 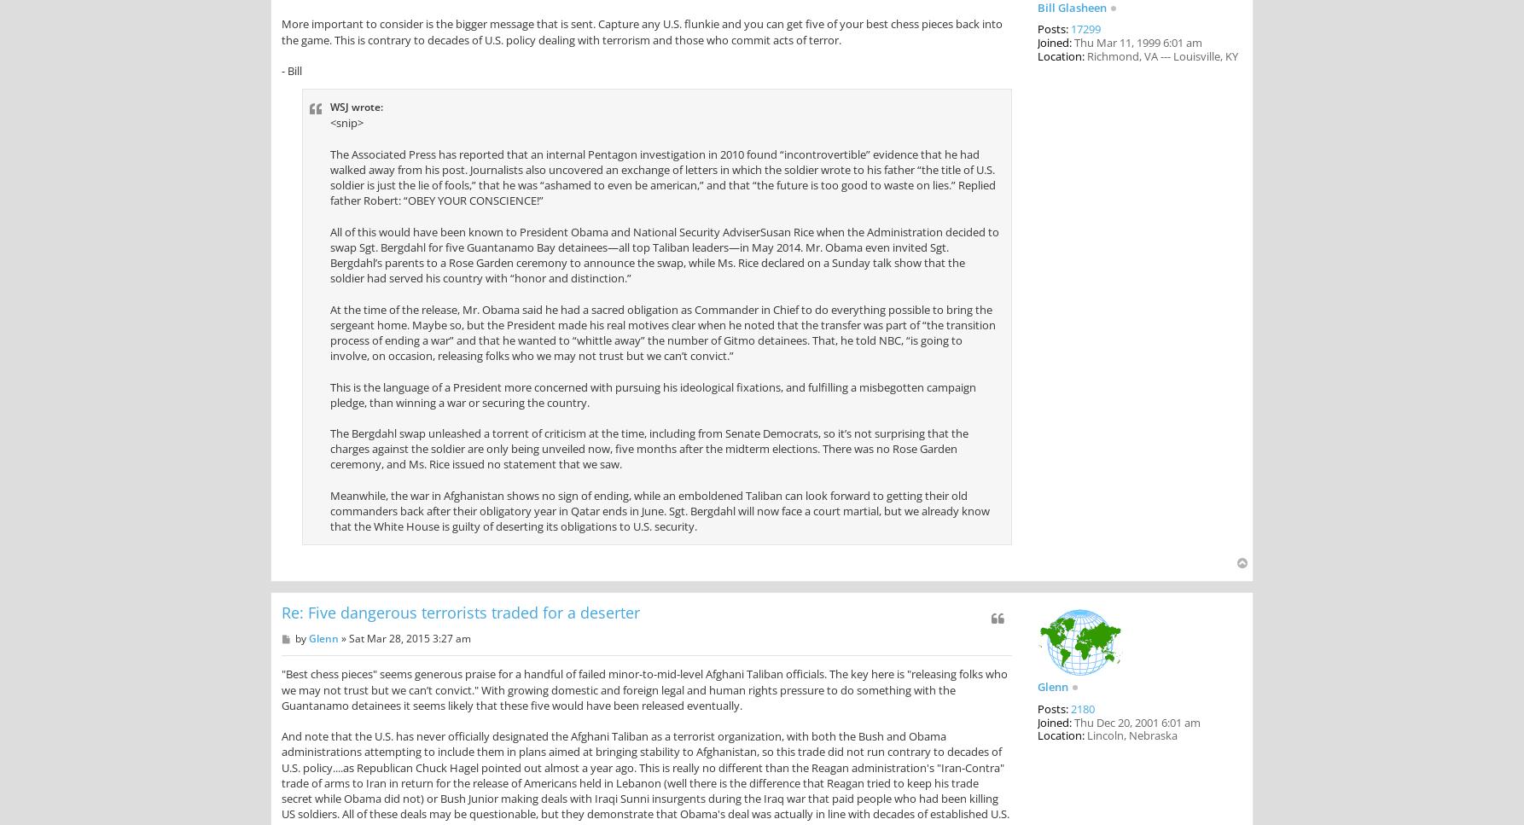 I want to click on '- Bill', so click(x=292, y=70).